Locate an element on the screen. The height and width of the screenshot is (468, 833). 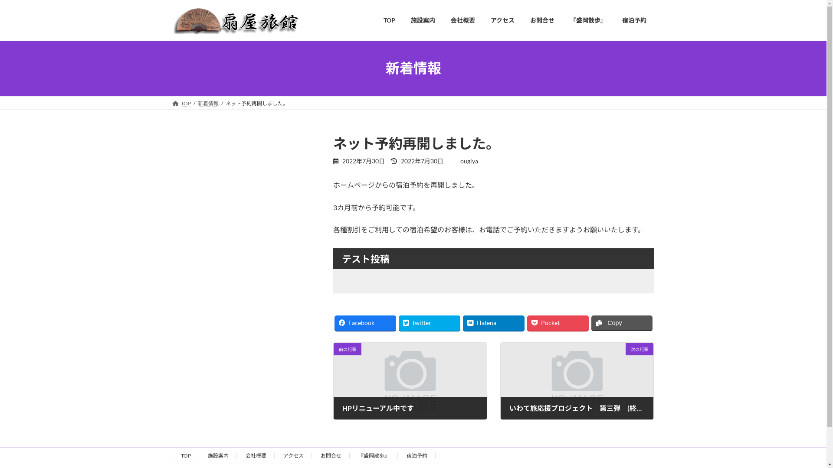
'Facebook' is located at coordinates (365, 322).